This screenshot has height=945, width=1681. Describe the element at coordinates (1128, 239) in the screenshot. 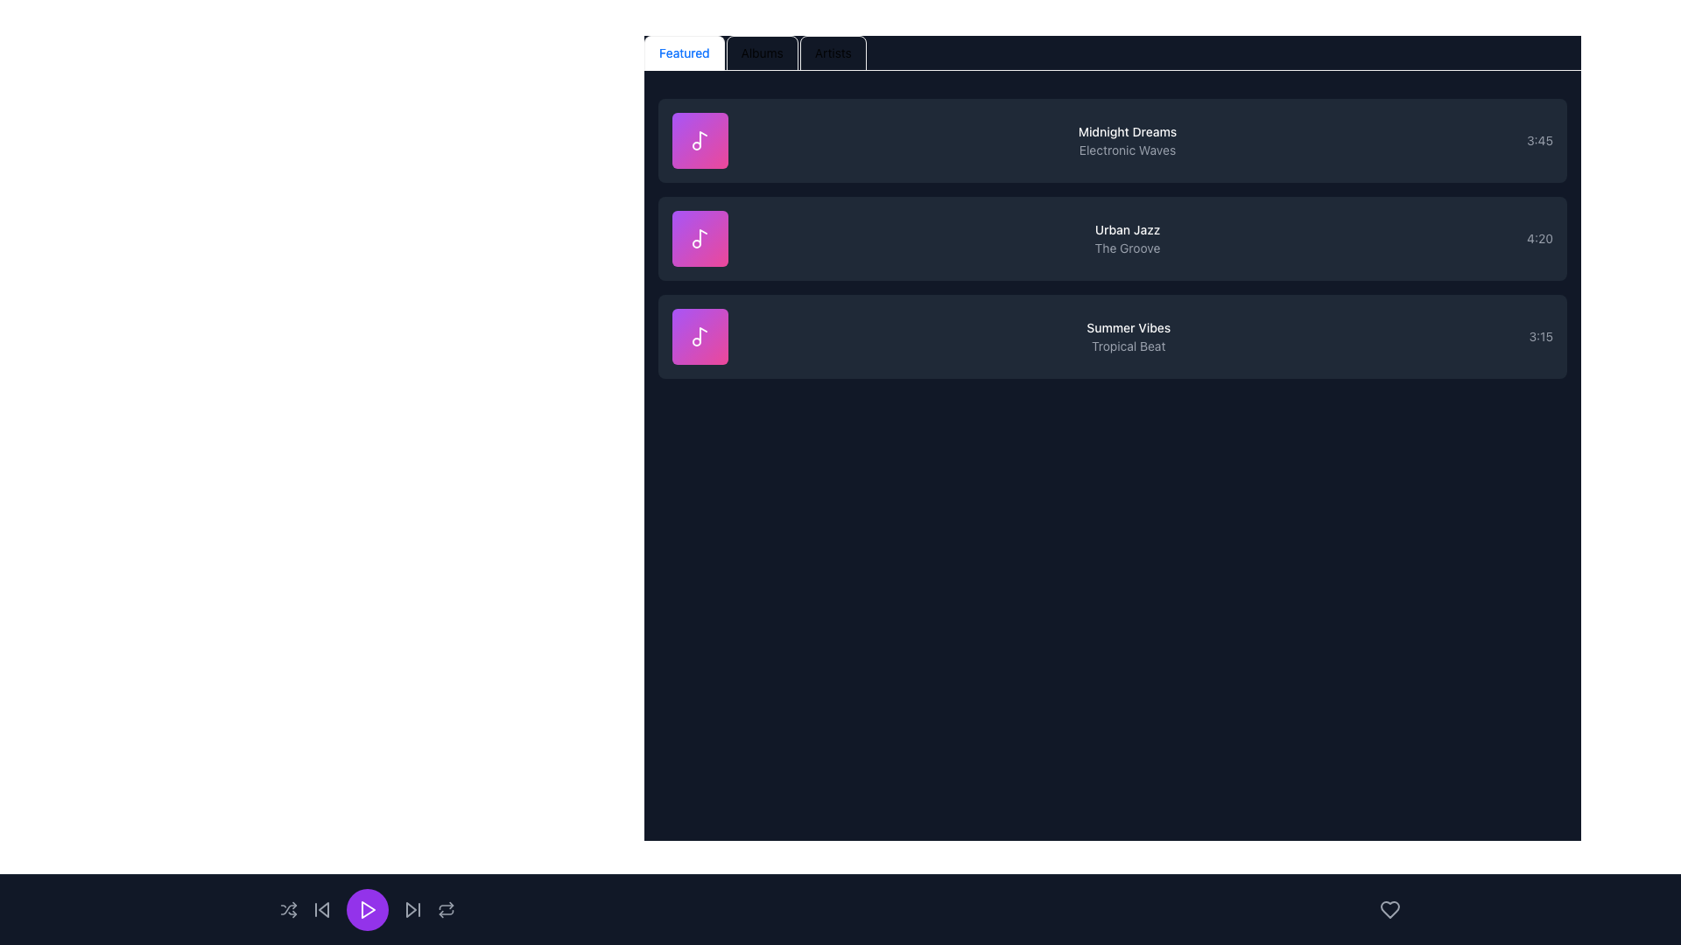

I see `the label that displays 'Urban Jazz' and 'The Groove'` at that location.